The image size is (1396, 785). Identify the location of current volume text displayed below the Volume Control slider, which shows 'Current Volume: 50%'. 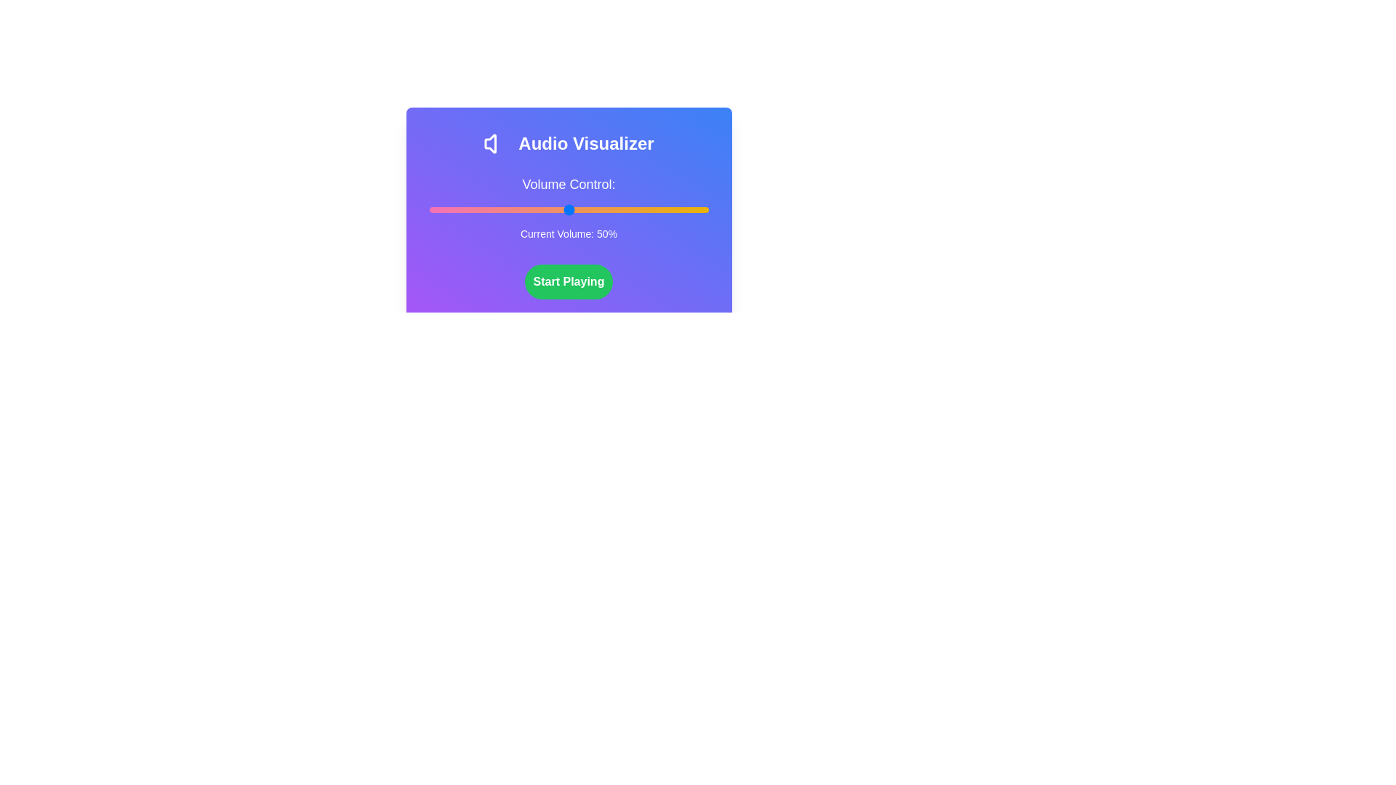
(568, 207).